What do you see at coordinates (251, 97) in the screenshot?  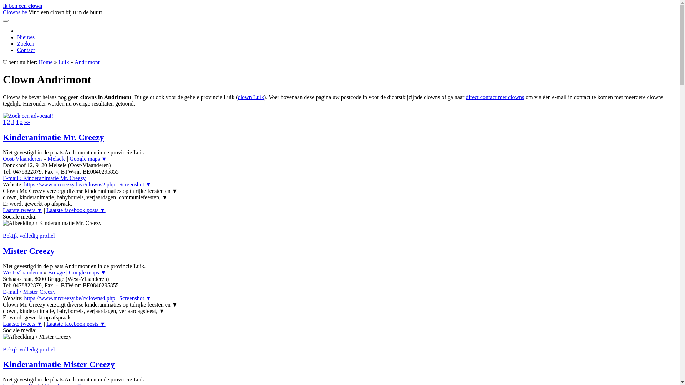 I see `'clown Luik'` at bounding box center [251, 97].